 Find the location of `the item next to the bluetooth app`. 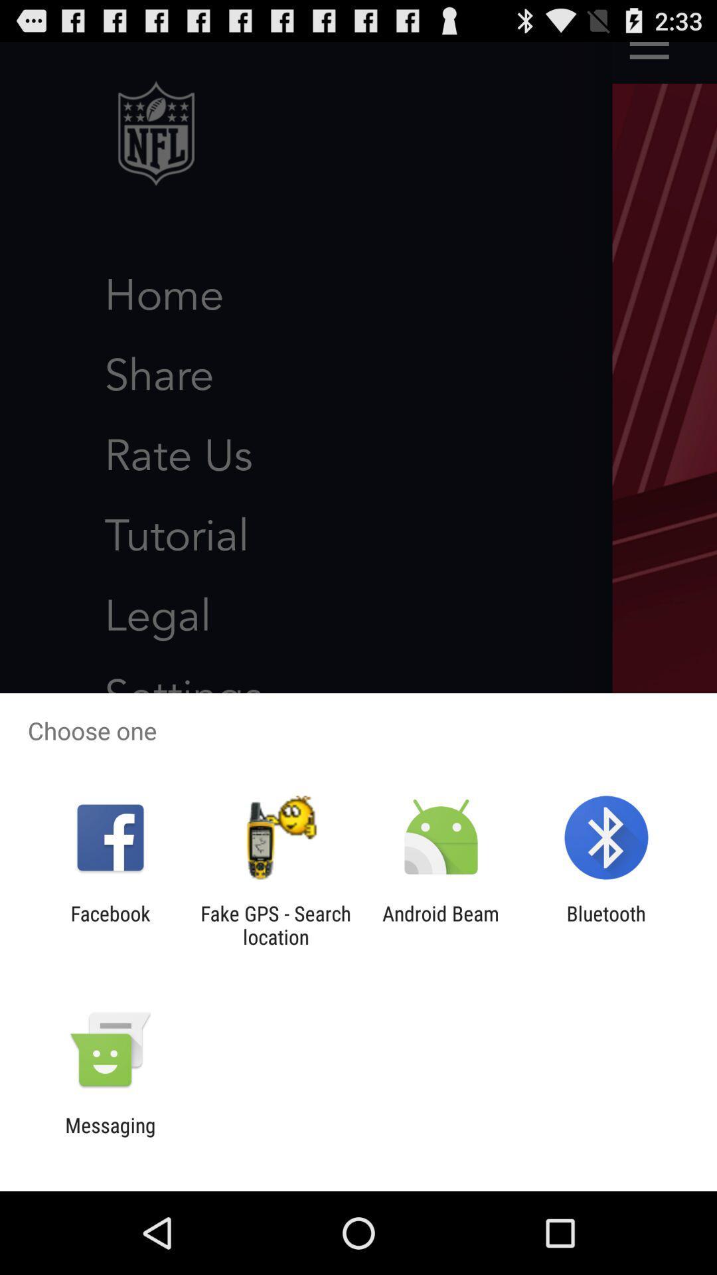

the item next to the bluetooth app is located at coordinates (441, 924).